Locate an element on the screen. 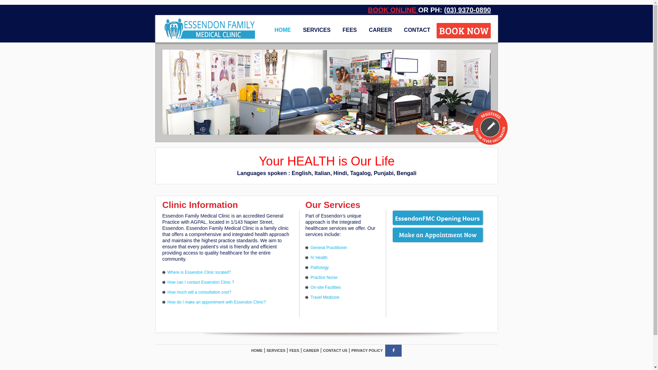 This screenshot has width=658, height=370. 'IV Health' is located at coordinates (310, 258).